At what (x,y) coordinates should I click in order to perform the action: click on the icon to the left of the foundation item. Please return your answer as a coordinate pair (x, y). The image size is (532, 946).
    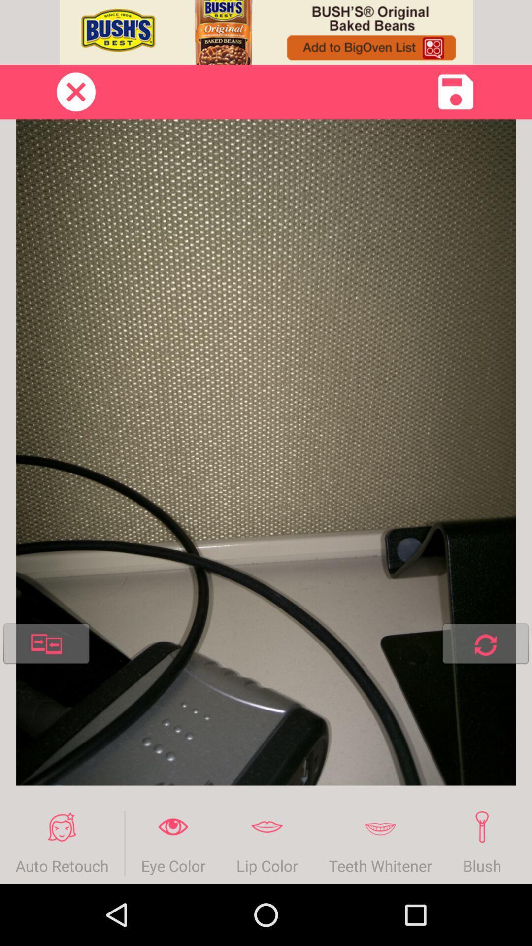
    Looking at the image, I should click on (481, 843).